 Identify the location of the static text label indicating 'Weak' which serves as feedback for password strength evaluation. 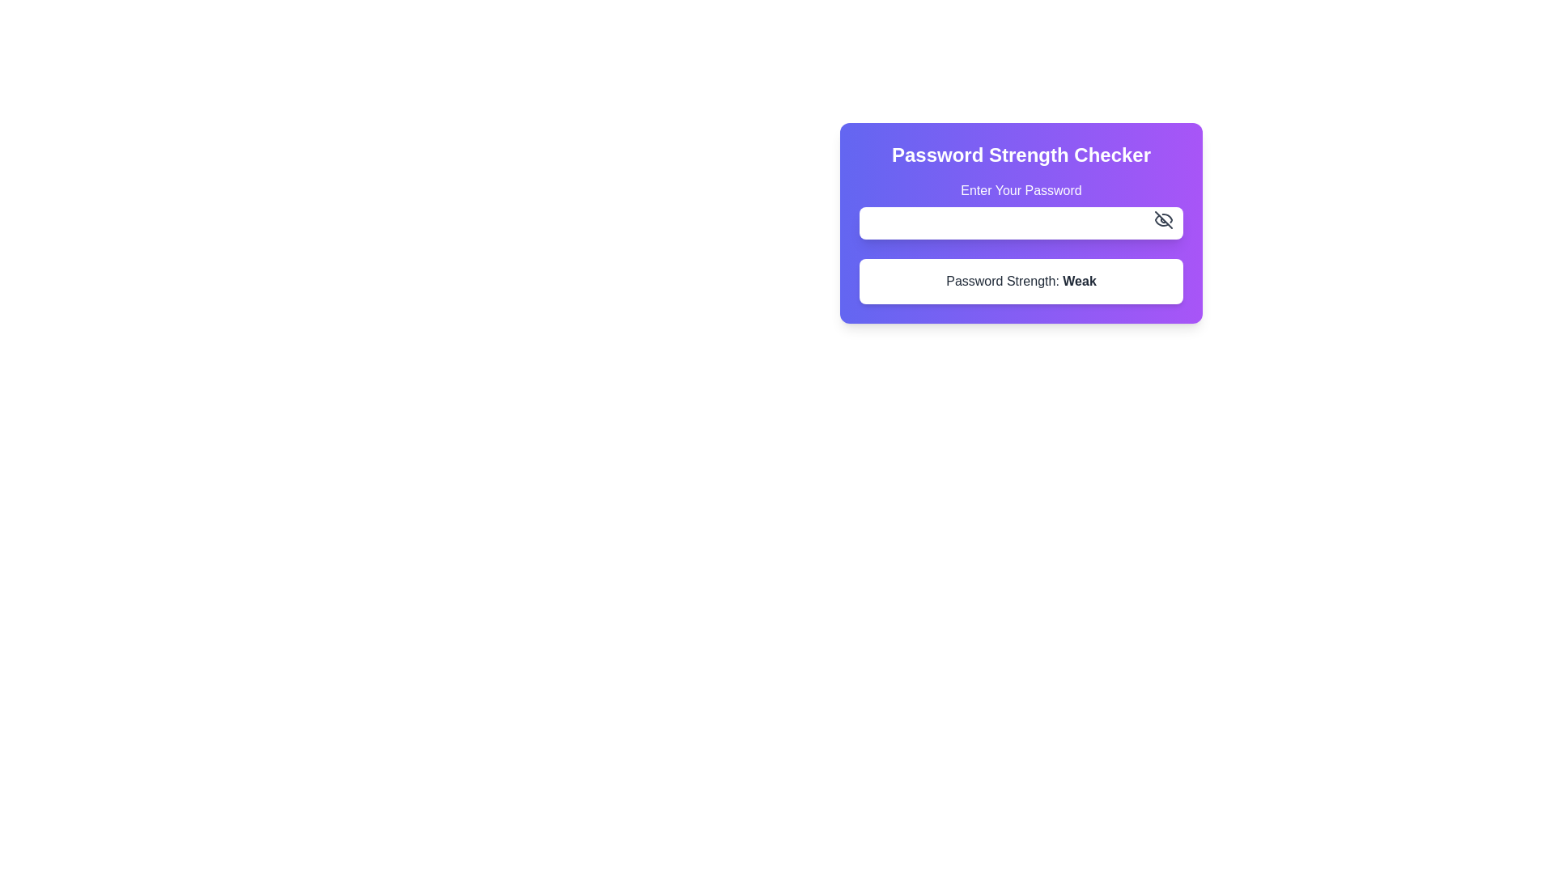
(1080, 280).